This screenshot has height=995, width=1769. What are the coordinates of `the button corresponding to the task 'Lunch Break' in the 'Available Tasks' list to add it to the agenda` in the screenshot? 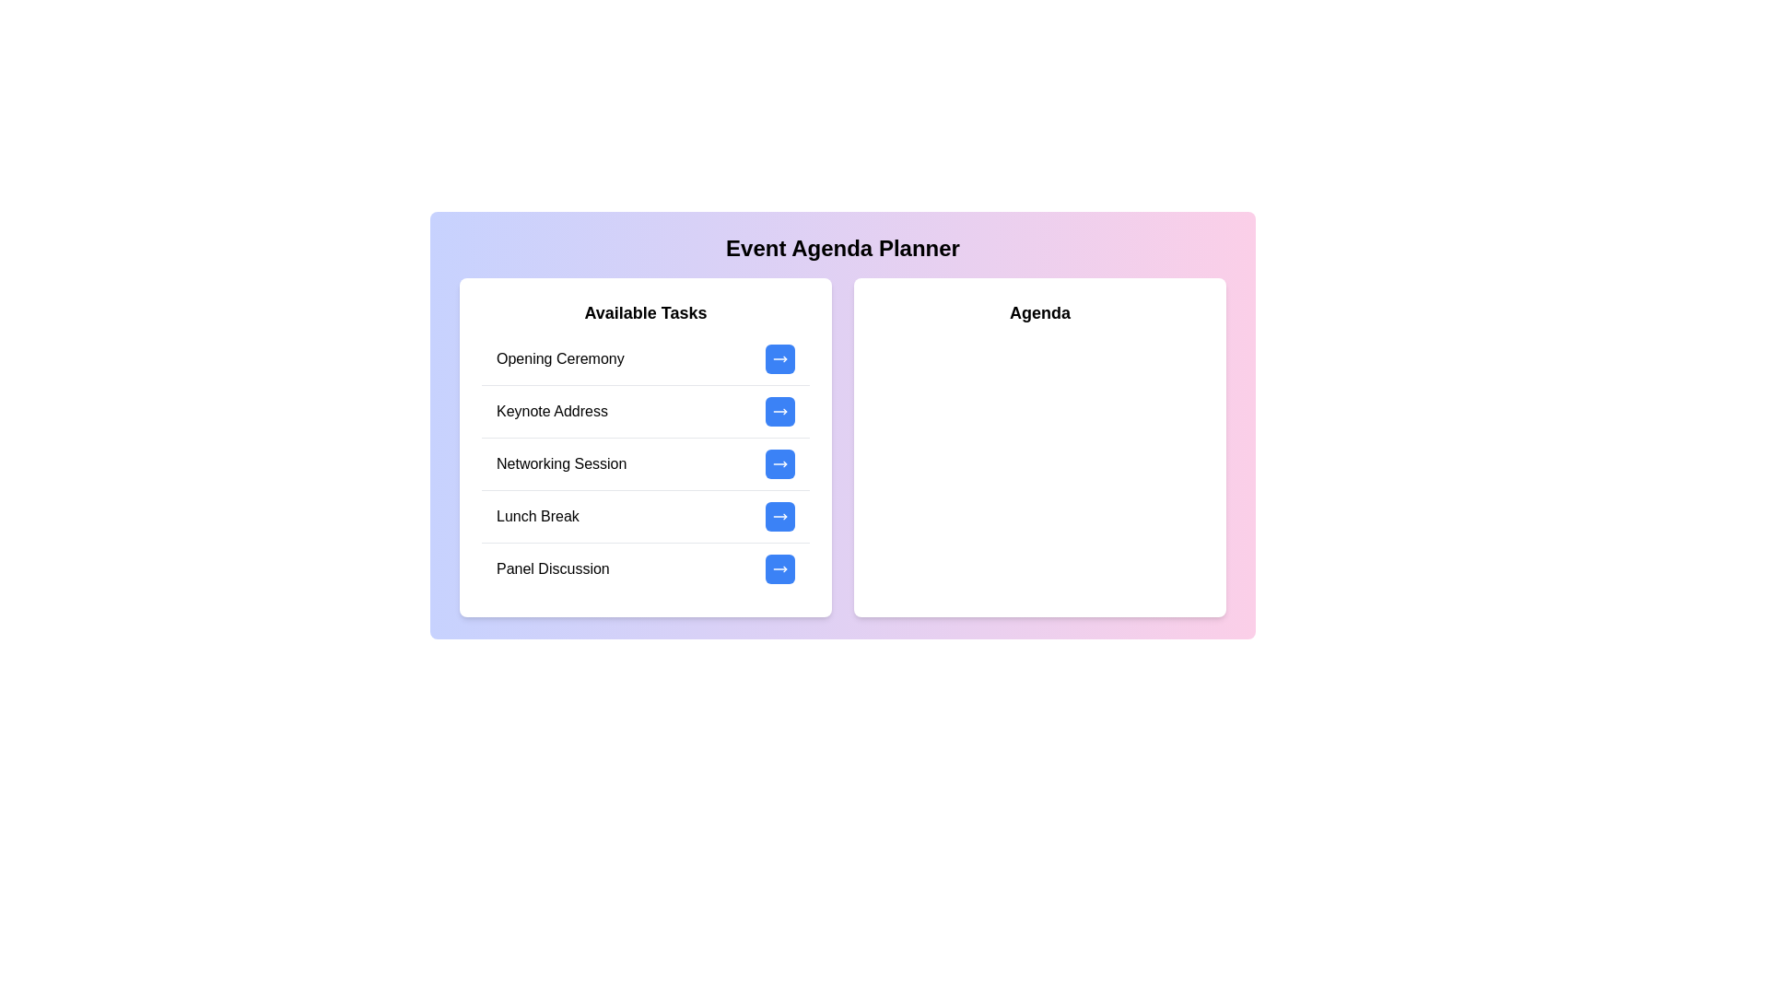 It's located at (779, 516).